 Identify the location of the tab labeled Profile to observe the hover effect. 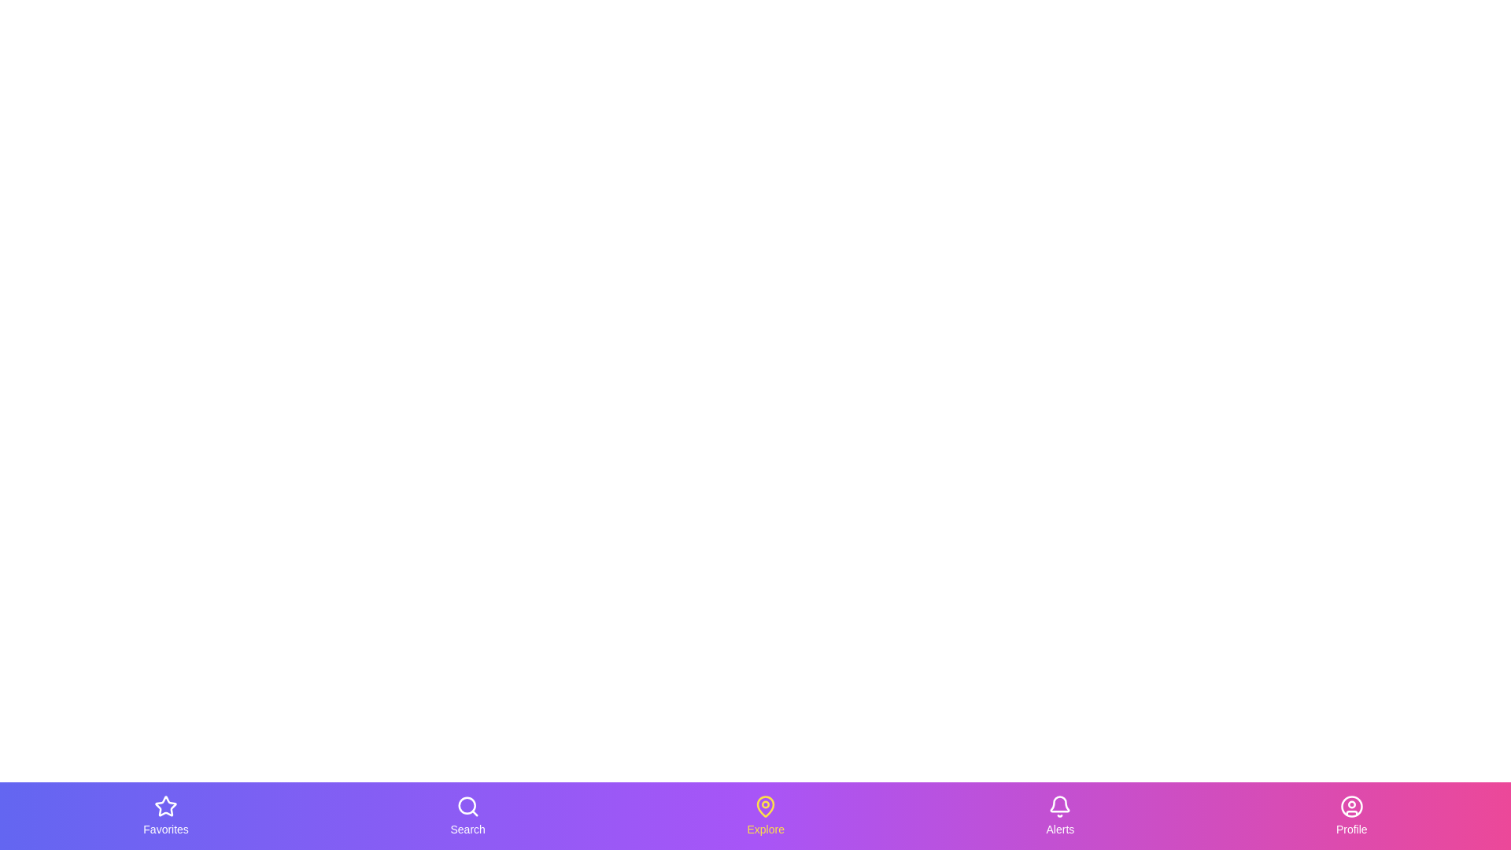
(1350, 815).